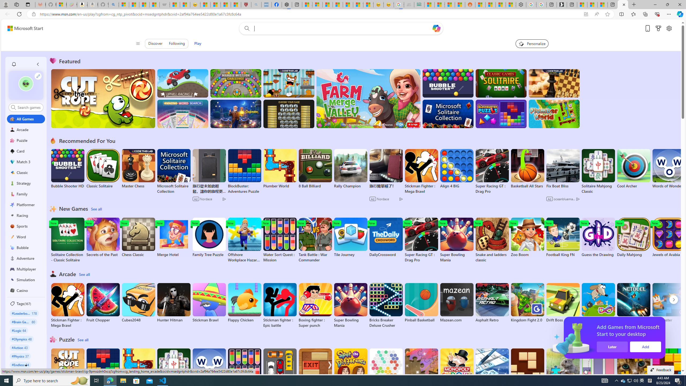  What do you see at coordinates (633, 169) in the screenshot?
I see `'Cool Archer'` at bounding box center [633, 169].